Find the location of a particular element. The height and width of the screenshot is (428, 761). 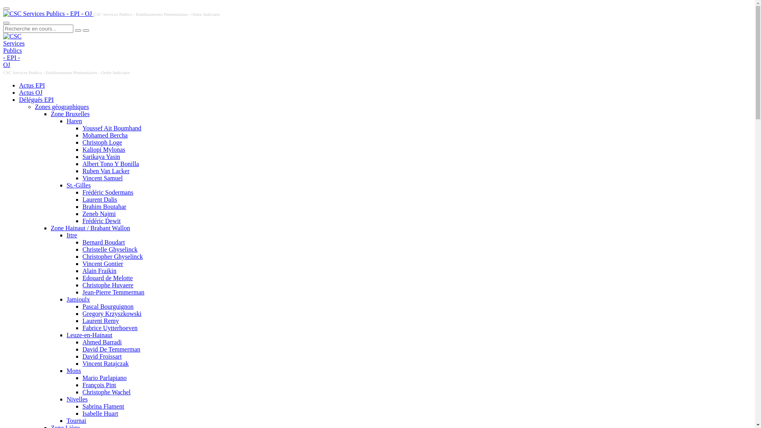

'Ruben Van Lacker' is located at coordinates (105, 170).